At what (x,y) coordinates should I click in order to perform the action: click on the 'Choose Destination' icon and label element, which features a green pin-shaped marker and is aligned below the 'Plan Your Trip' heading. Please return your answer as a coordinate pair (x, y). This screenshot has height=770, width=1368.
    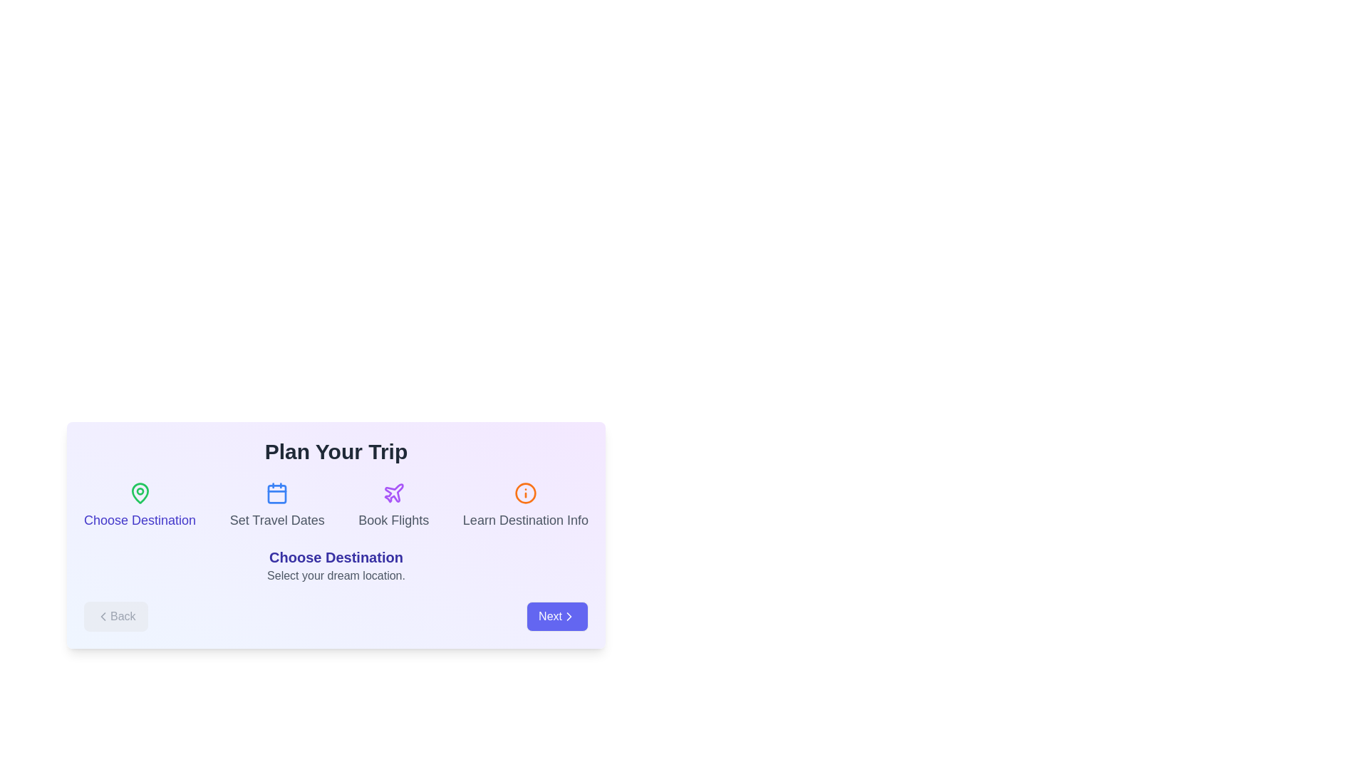
    Looking at the image, I should click on (140, 505).